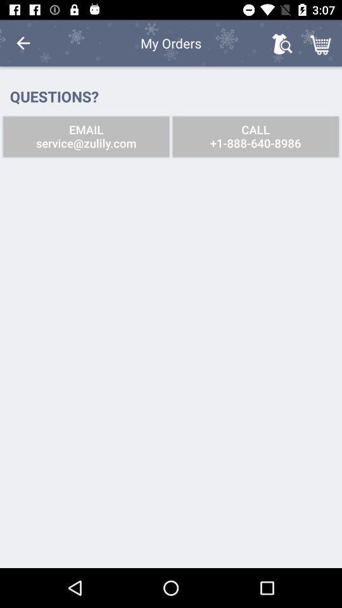 The image size is (342, 608). Describe the element at coordinates (255, 136) in the screenshot. I see `the call 1 888` at that location.